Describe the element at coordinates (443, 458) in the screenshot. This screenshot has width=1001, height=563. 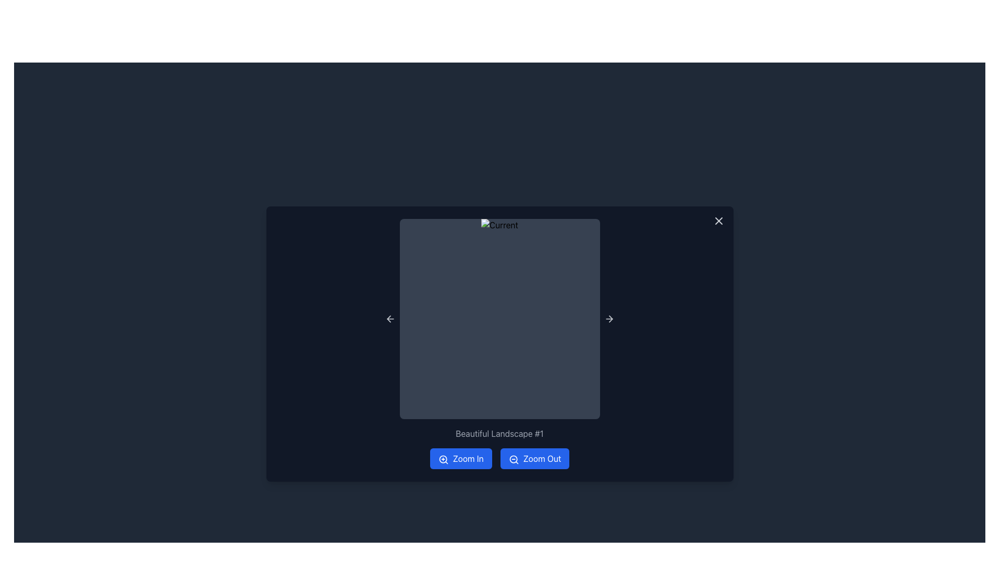
I see `the graphical representation of the circular zoom icon with a blue base and a red core, located to the left of the 'Zoom In' button at the bottom of the modal interface` at that location.